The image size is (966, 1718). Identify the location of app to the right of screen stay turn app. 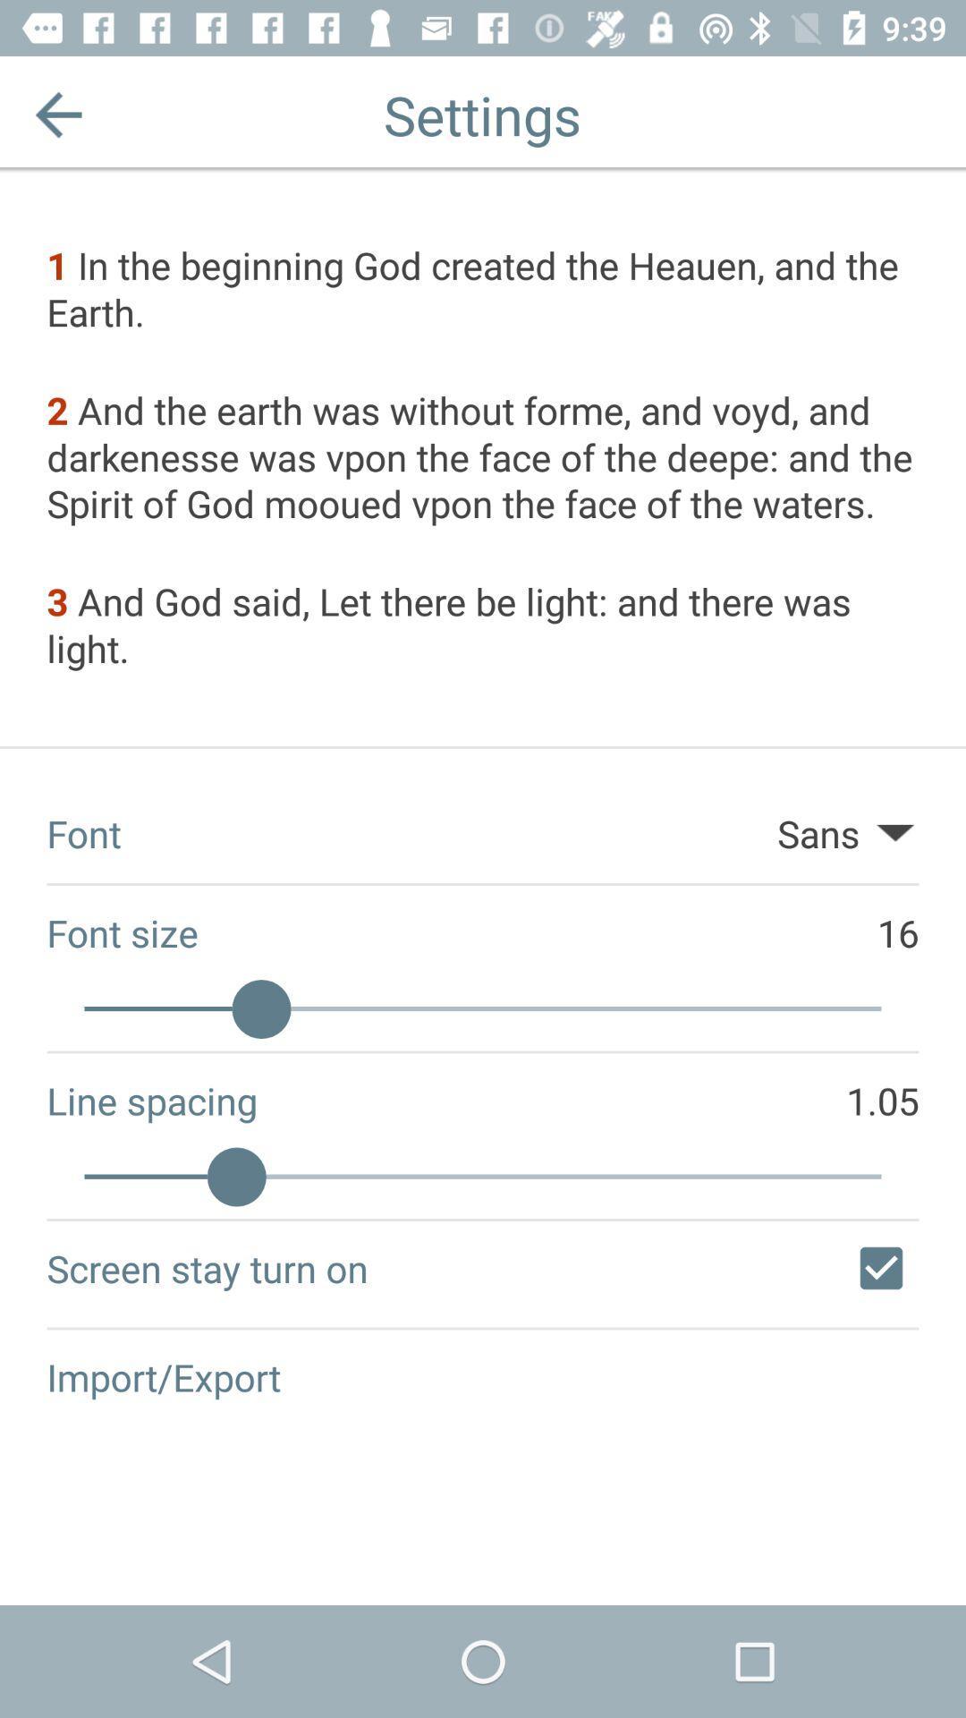
(880, 1267).